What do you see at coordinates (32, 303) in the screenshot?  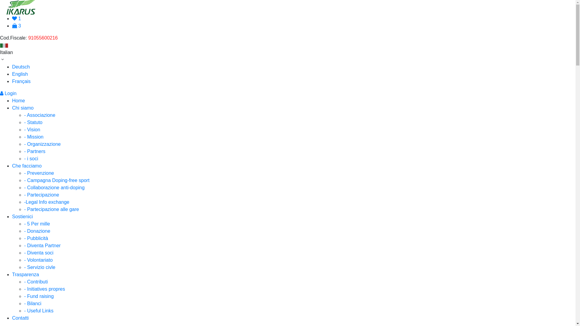 I see `'- Bilanci'` at bounding box center [32, 303].